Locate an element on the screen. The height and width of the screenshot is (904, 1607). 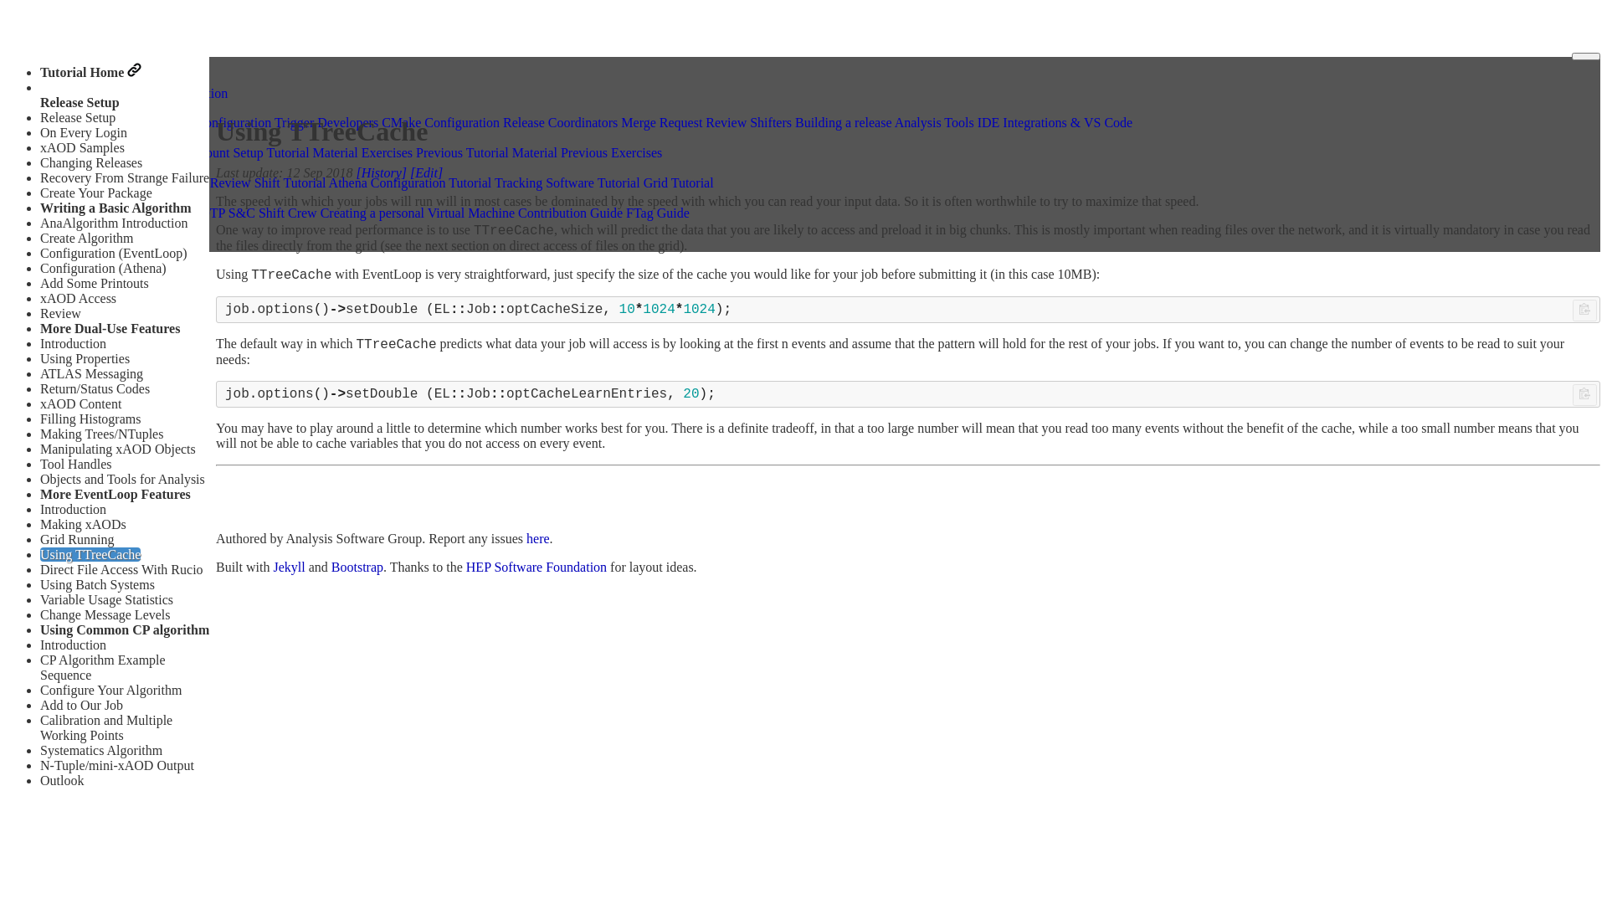
'FTag Guide' is located at coordinates (625, 212).